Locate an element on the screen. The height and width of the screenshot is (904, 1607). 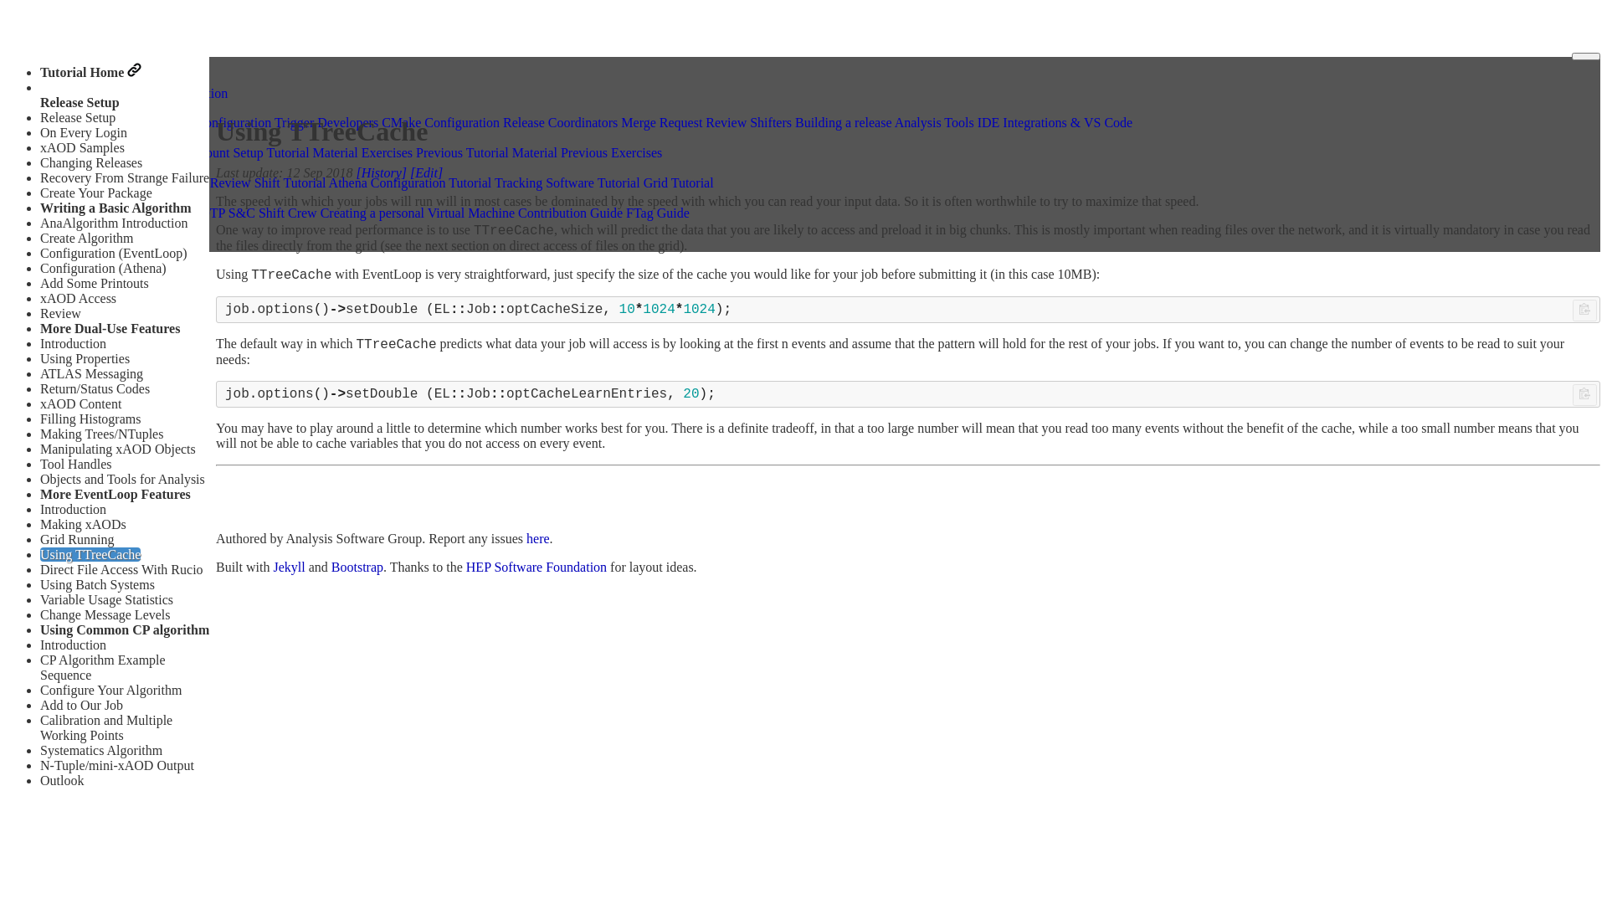
'FTag Guide' is located at coordinates (625, 212).